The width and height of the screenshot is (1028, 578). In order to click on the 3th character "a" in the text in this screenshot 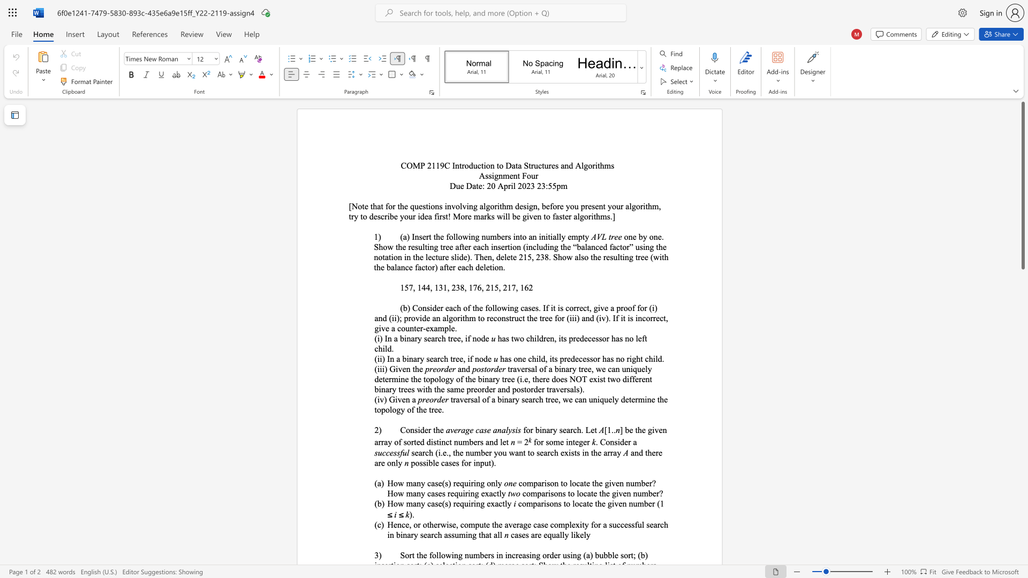, I will do `click(435, 359)`.